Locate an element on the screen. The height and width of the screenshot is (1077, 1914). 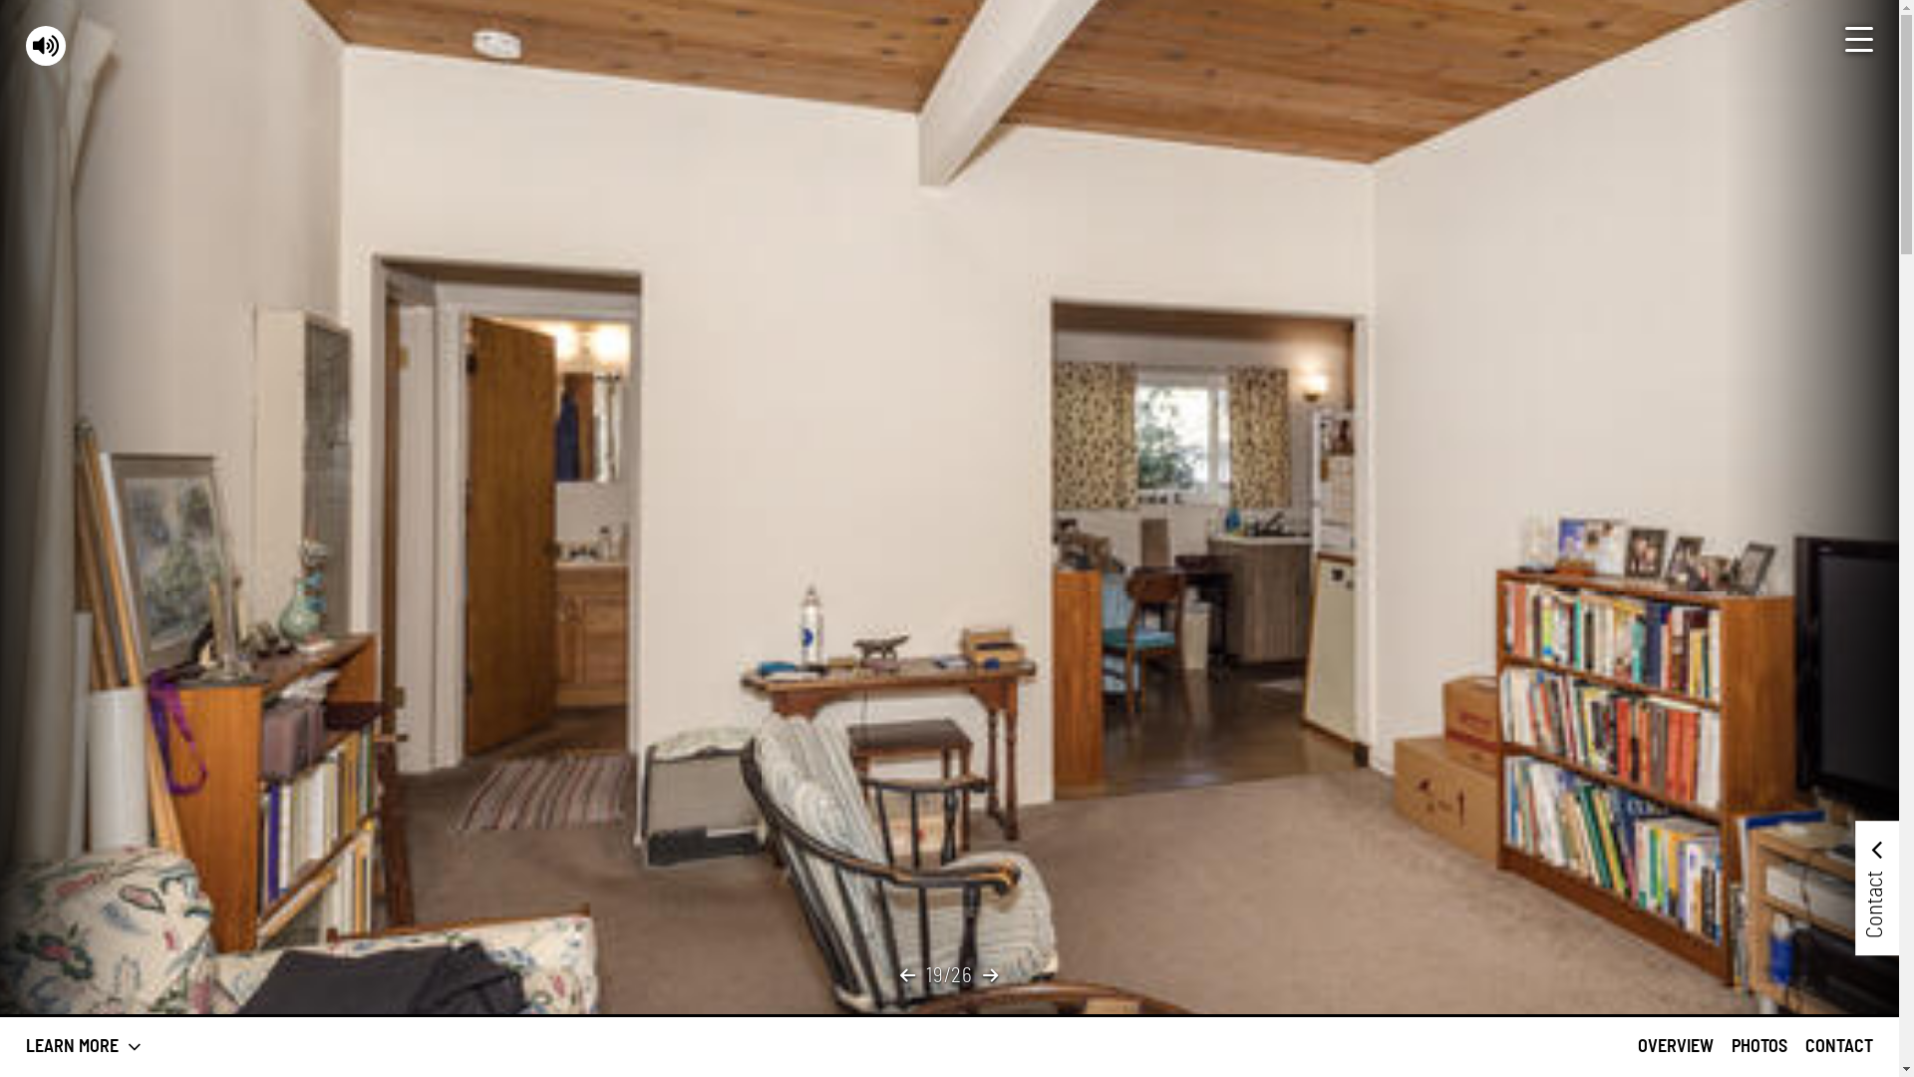
'CONTACT' is located at coordinates (1837, 1045).